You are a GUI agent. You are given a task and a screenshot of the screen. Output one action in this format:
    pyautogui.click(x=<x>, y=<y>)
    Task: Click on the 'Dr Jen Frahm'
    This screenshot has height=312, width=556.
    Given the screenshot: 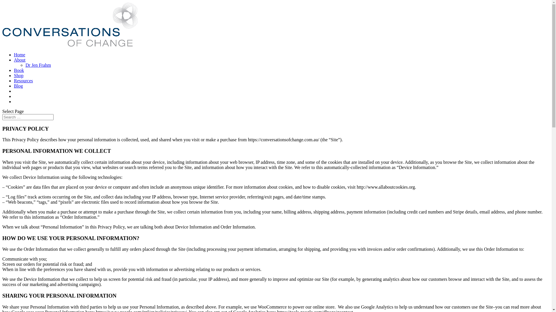 What is the action you would take?
    pyautogui.click(x=38, y=65)
    